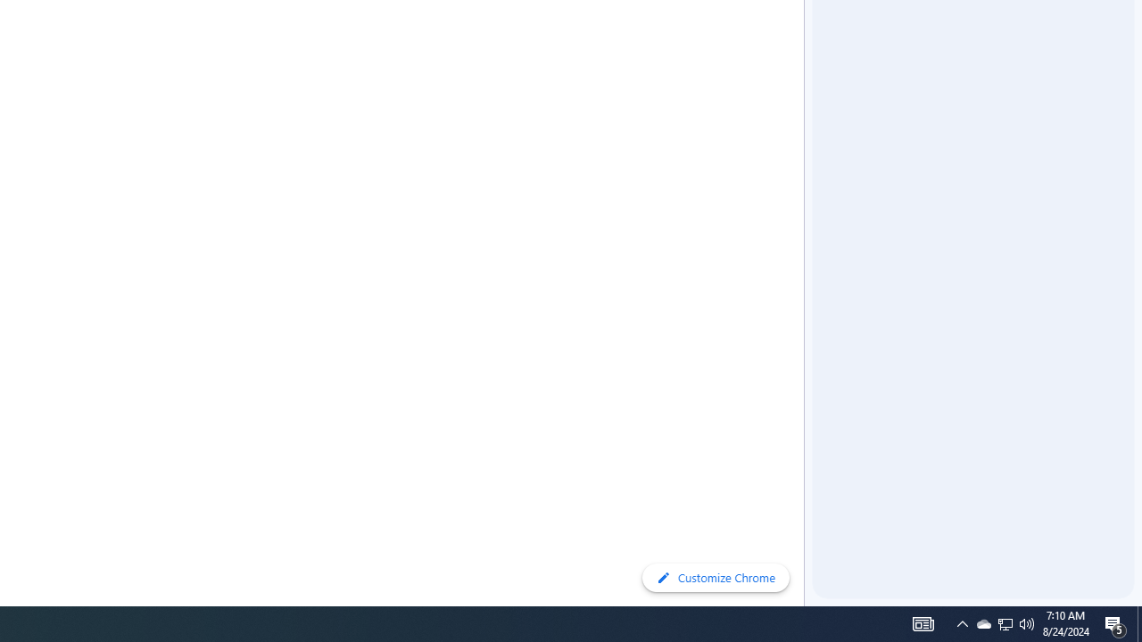 This screenshot has width=1142, height=642. Describe the element at coordinates (715, 578) in the screenshot. I see `'Customize Chrome'` at that location.